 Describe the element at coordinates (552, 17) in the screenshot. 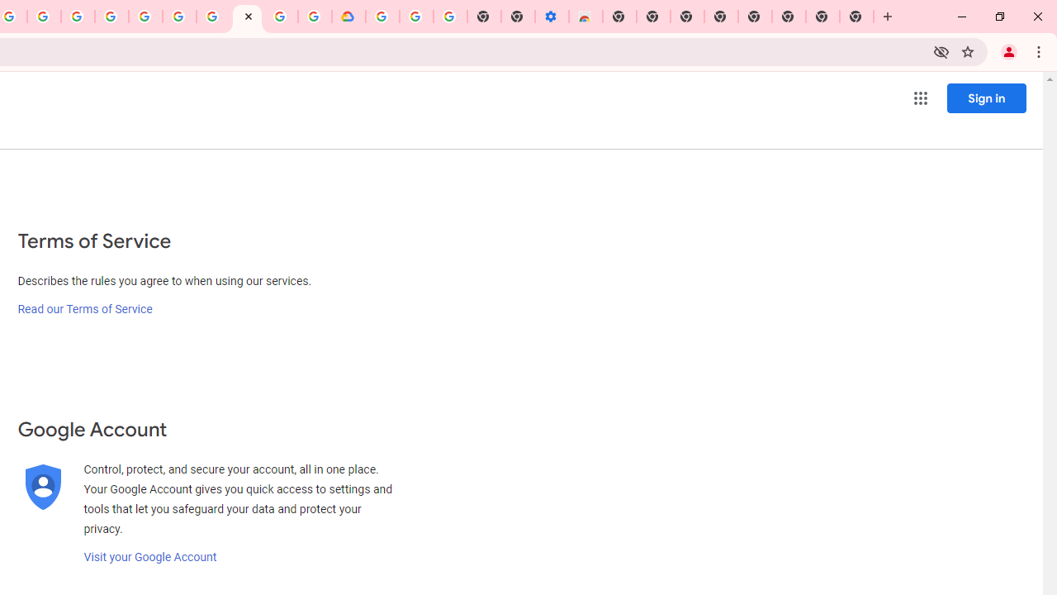

I see `'Settings - Accessibility'` at that location.